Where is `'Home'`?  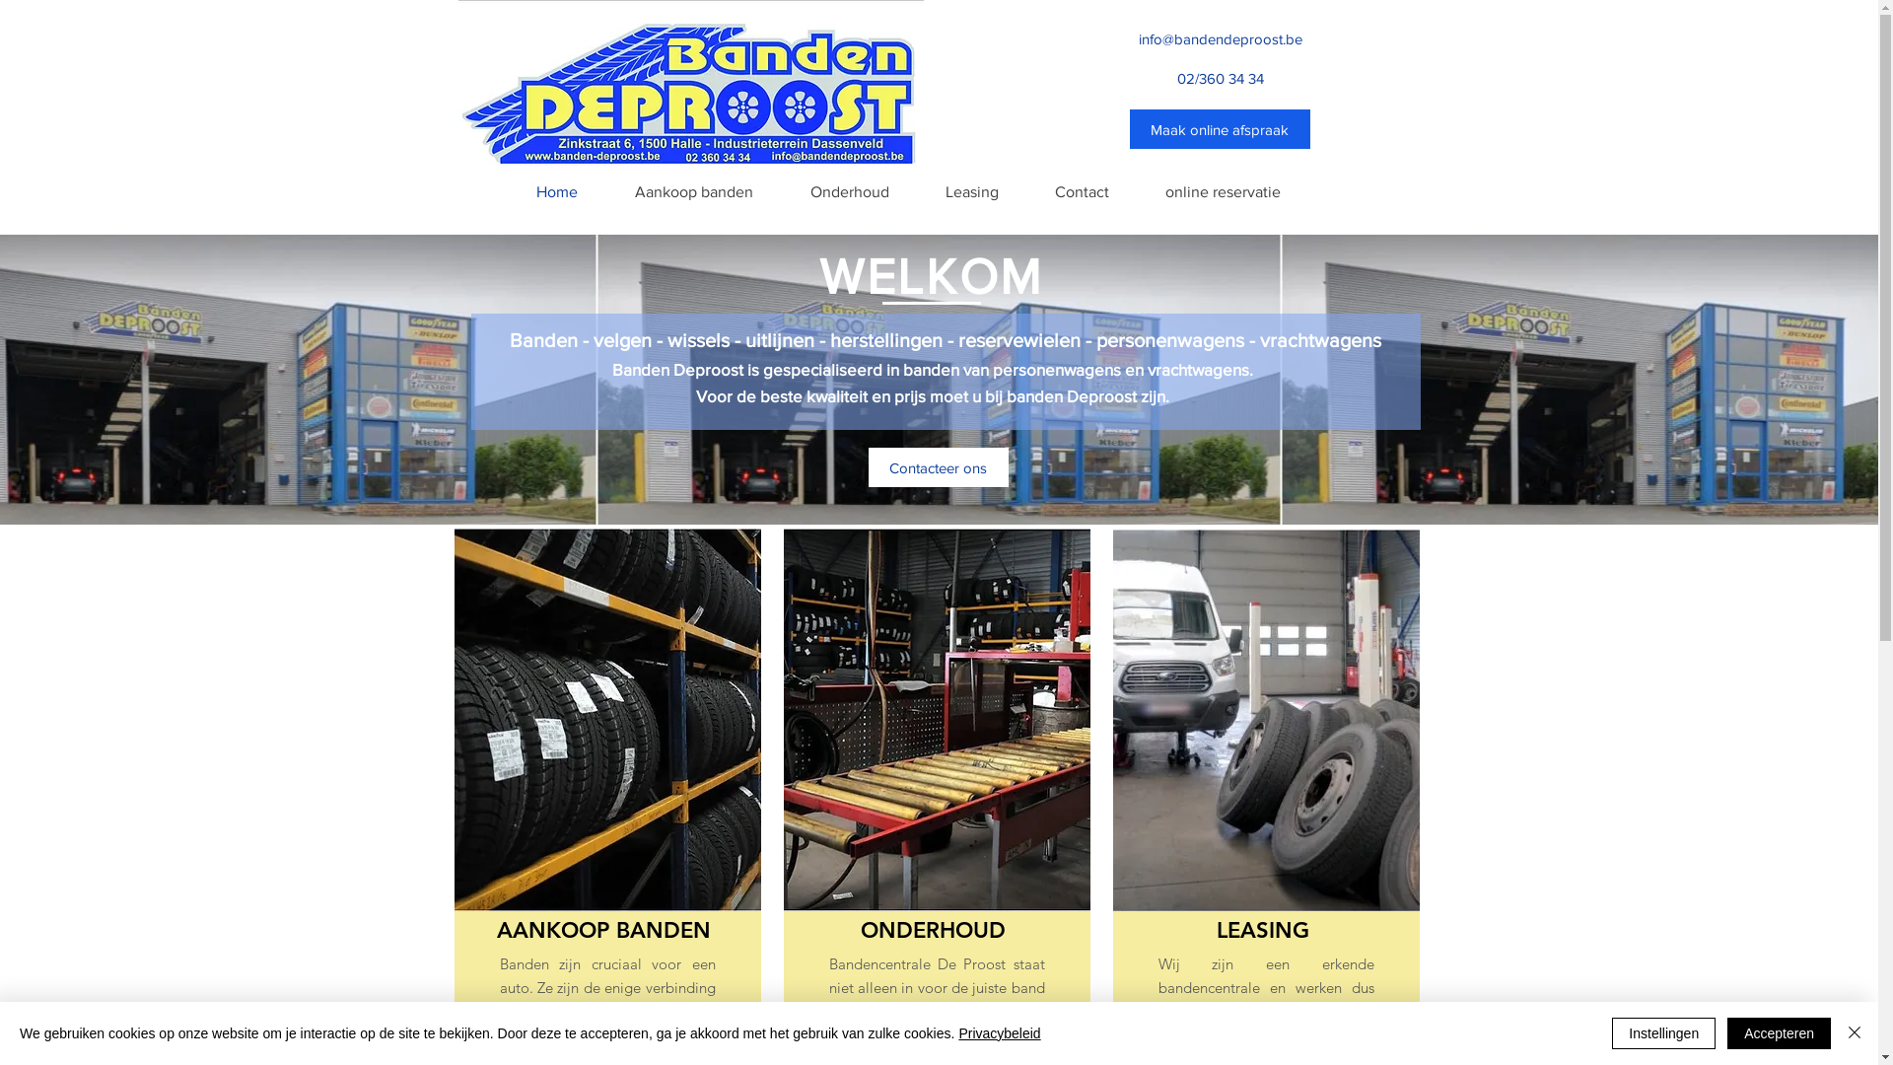
'Home' is located at coordinates (554, 192).